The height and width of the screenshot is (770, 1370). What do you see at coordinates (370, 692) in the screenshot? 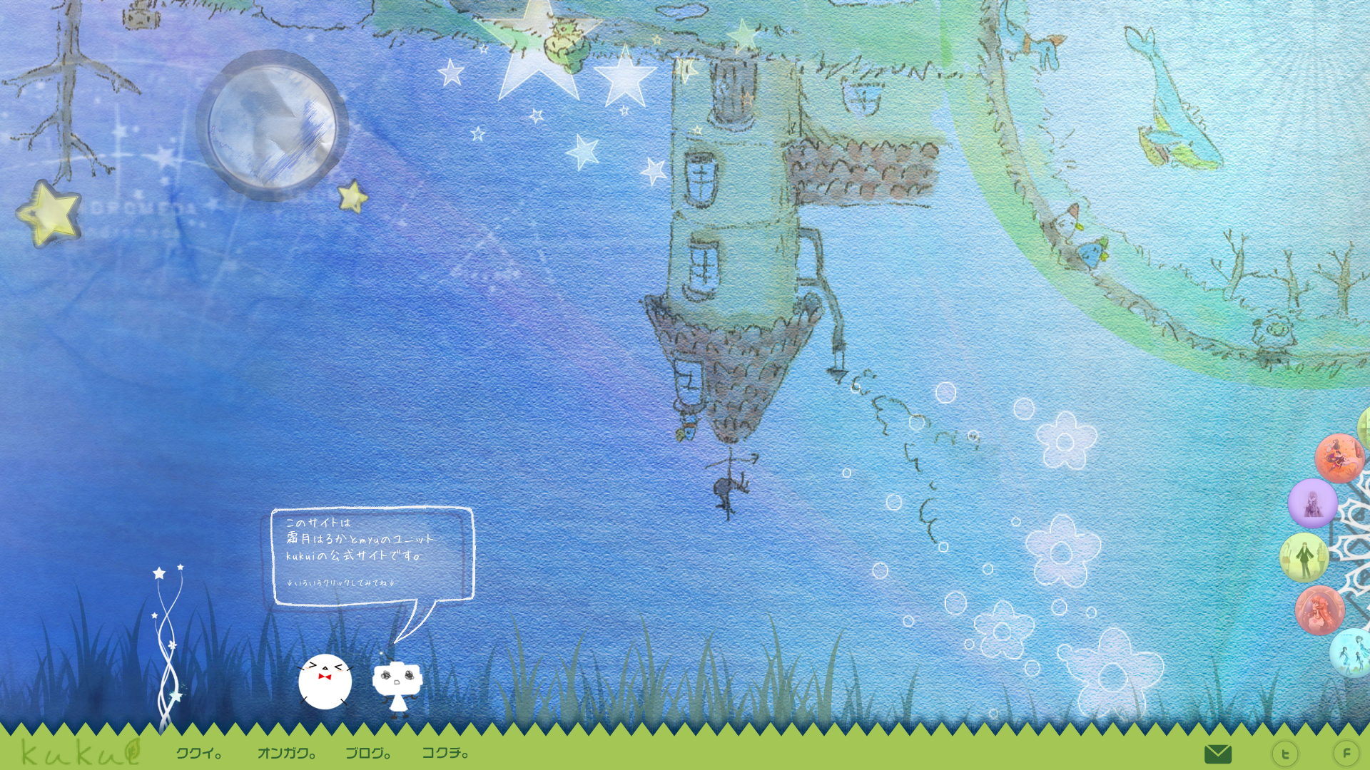
I see `'Click to enlarge'` at bounding box center [370, 692].